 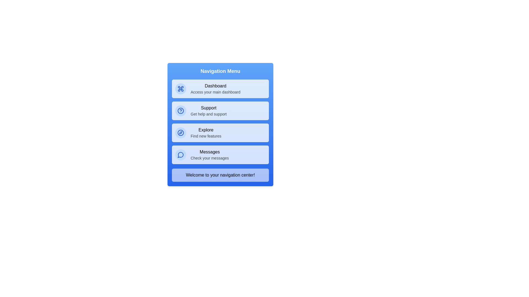 What do you see at coordinates (220, 155) in the screenshot?
I see `the menu item corresponding to Messages` at bounding box center [220, 155].